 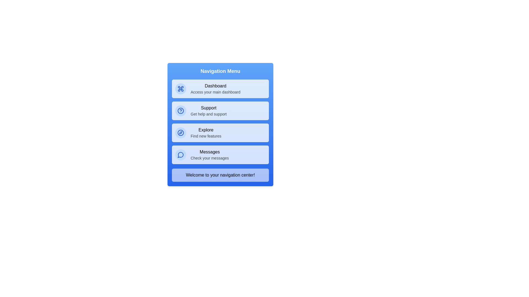 What do you see at coordinates (220, 155) in the screenshot?
I see `the menu item corresponding to Messages` at bounding box center [220, 155].